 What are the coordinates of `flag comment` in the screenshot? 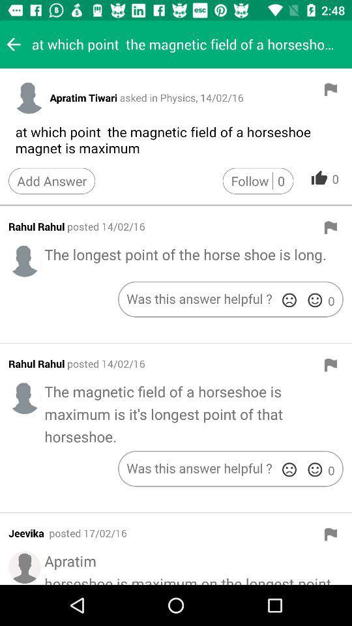 It's located at (330, 365).